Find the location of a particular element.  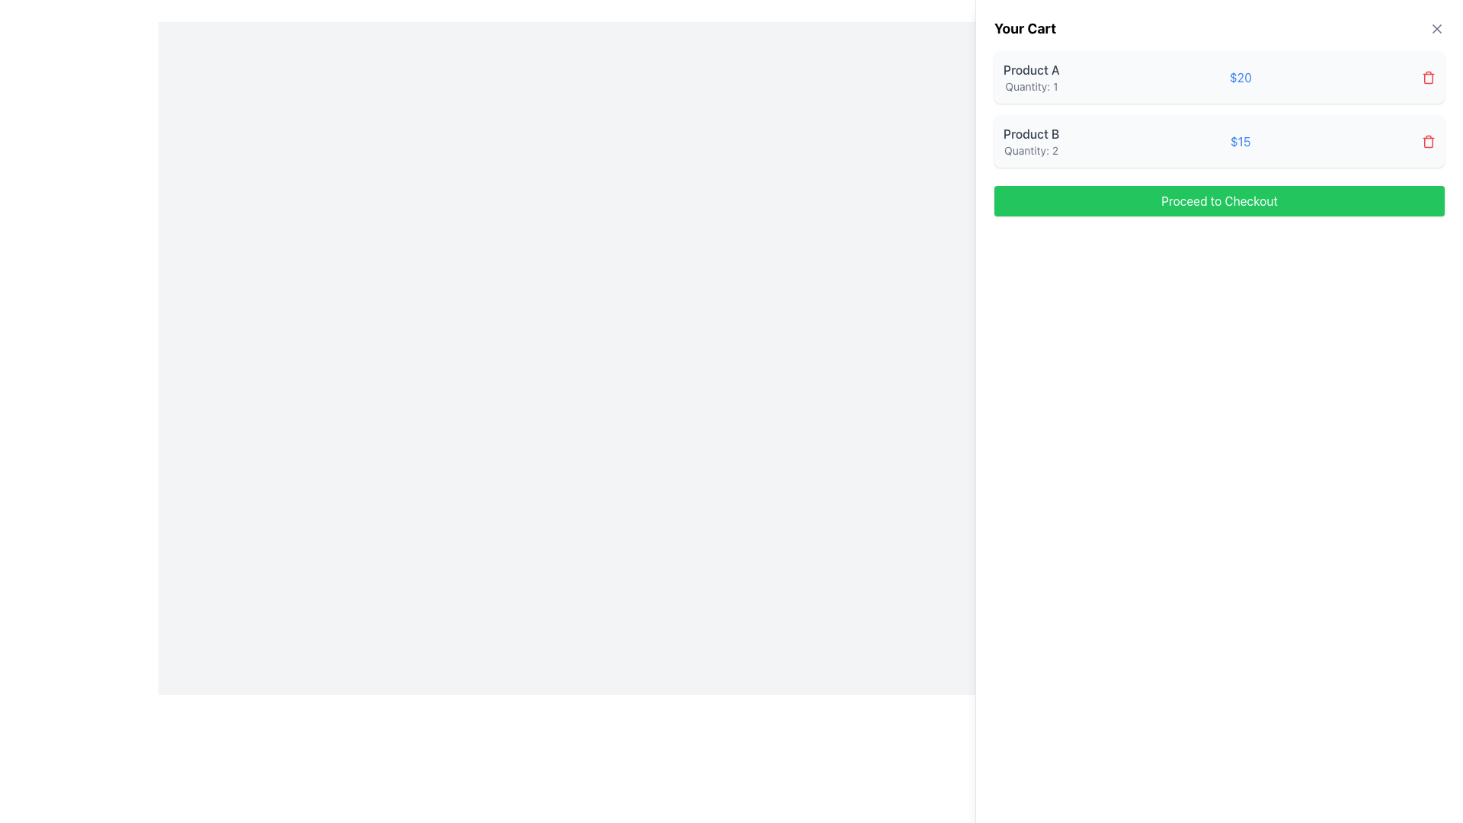

price displayed as '$20' in blue color, located in the cart section to the right of the product information for 'Product A' is located at coordinates (1241, 77).